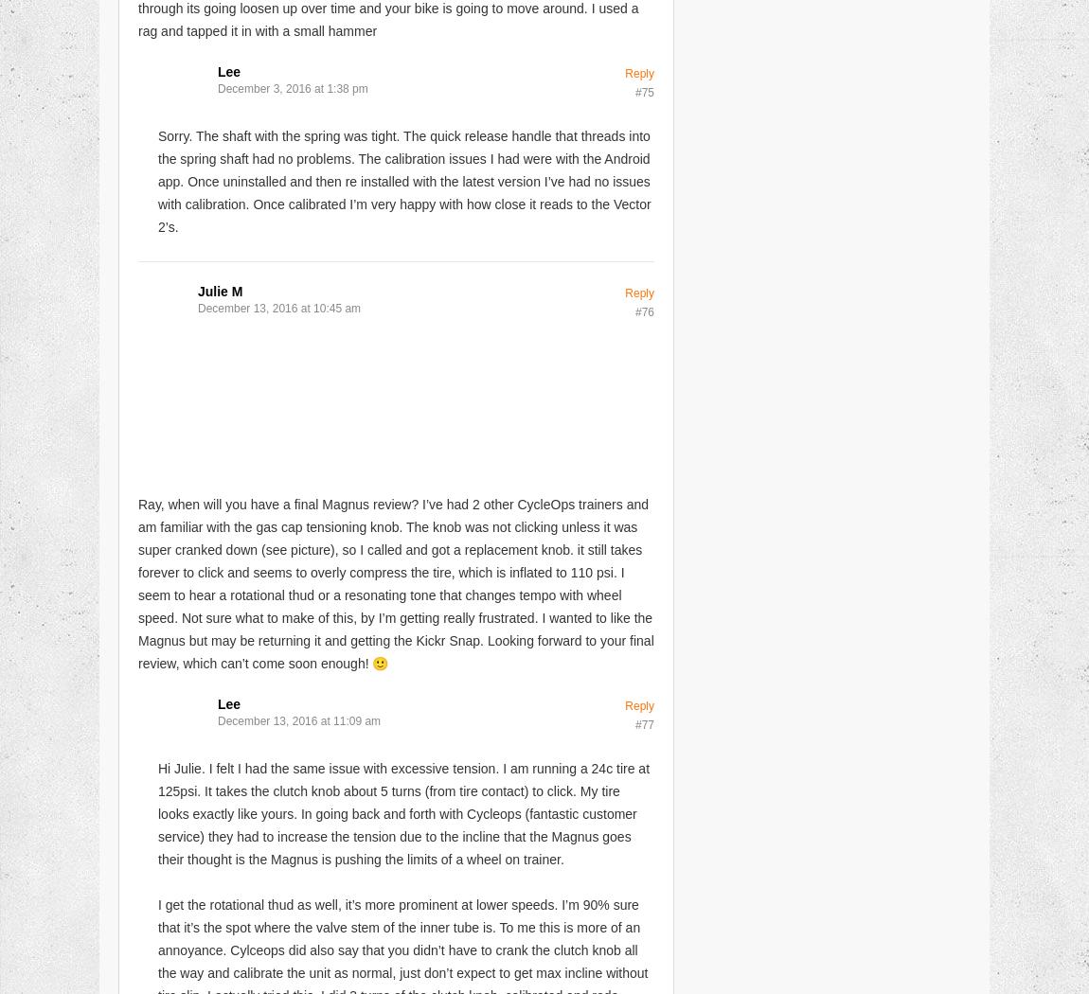 The image size is (1089, 994). I want to click on 'Ray, when will you have a final Magnus review? I’ve had 2 other CycleOps trainers and am familiar with the gas cap tensioning knob. The knob was not clicking unless it was super cranked down (see picture), so I called and got a replacement knob. it still takes forever to click and seems to overly compress the tire, which is inflated to 110 psi. I seem to hear a rotational thud or a resonating tone that changes tempo with wheel speed. Not sure what to make of this, by I’m getting really frustrated. I wanted to like the Magnus but may be returning it and getting the Kickr Snap. Looking forward to your final review, which can’t come soon enough! 🙂', so click(396, 583).